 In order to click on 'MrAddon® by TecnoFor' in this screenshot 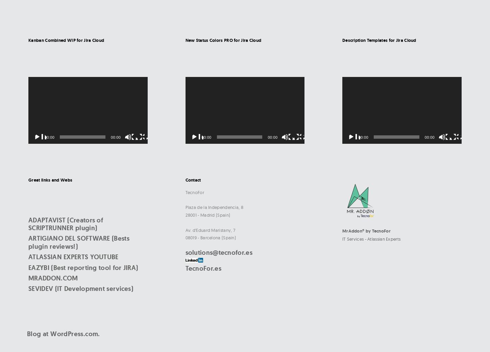, I will do `click(366, 231)`.